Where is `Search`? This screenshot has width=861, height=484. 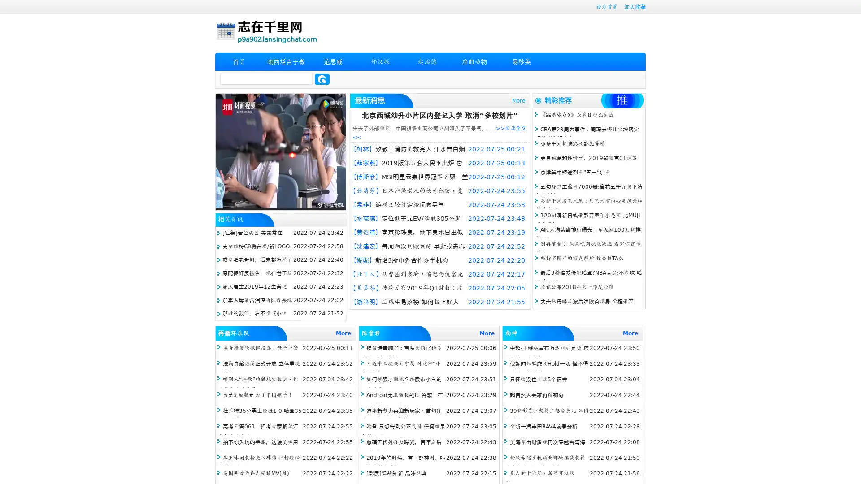
Search is located at coordinates (322, 79).